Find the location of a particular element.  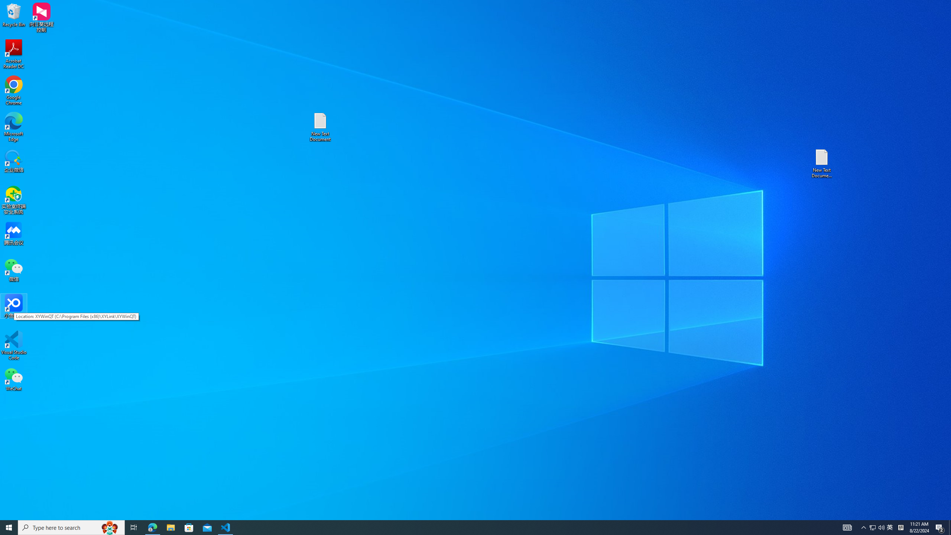

'Recycle Bin' is located at coordinates (13, 14).